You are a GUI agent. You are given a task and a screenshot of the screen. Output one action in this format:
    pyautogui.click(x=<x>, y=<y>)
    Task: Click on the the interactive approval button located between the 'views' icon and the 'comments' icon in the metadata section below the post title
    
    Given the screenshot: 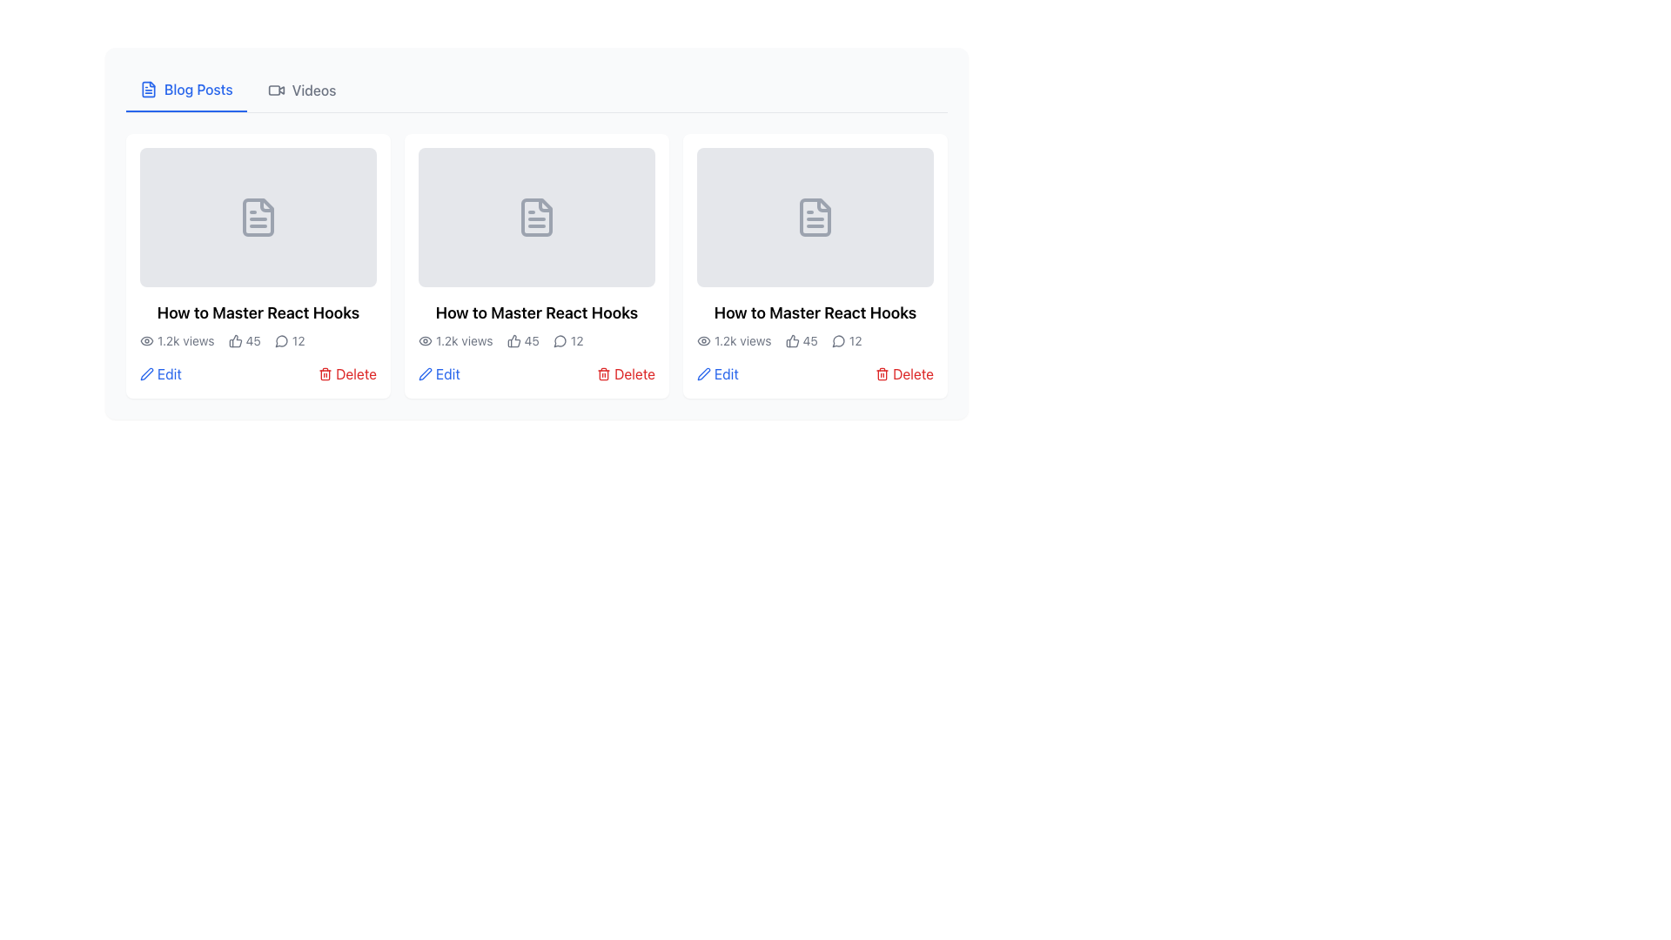 What is the action you would take?
    pyautogui.click(x=234, y=341)
    